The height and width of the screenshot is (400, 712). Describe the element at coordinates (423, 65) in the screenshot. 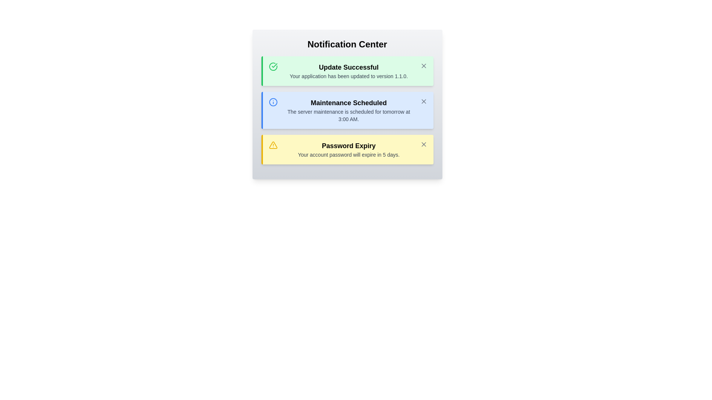

I see `the Dismiss button, which is a close icon styled as an 'X' in a rounded, minimalist design, located in the 'Update Successful' notification section at the top-right corner` at that location.